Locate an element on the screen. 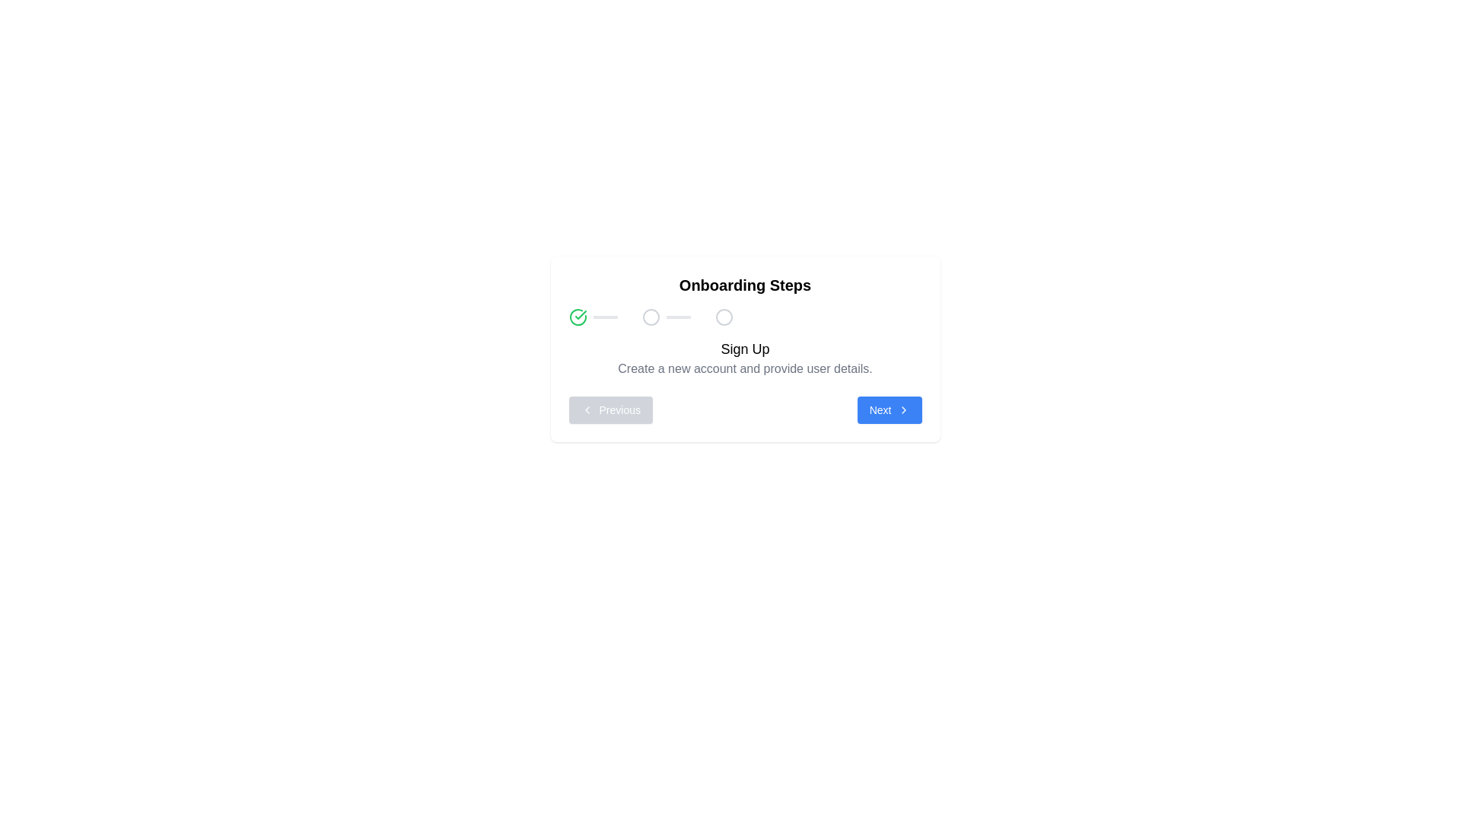  the second step indicator in the onboarding steps card, which is centrally aligned and represents a step not yet reached is located at coordinates (669, 316).